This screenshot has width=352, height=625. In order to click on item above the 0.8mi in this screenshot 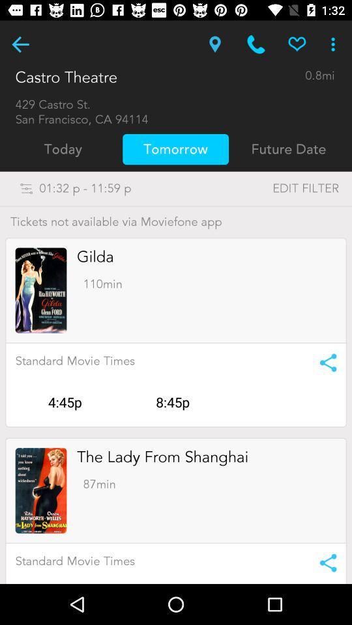, I will do `click(334, 44)`.